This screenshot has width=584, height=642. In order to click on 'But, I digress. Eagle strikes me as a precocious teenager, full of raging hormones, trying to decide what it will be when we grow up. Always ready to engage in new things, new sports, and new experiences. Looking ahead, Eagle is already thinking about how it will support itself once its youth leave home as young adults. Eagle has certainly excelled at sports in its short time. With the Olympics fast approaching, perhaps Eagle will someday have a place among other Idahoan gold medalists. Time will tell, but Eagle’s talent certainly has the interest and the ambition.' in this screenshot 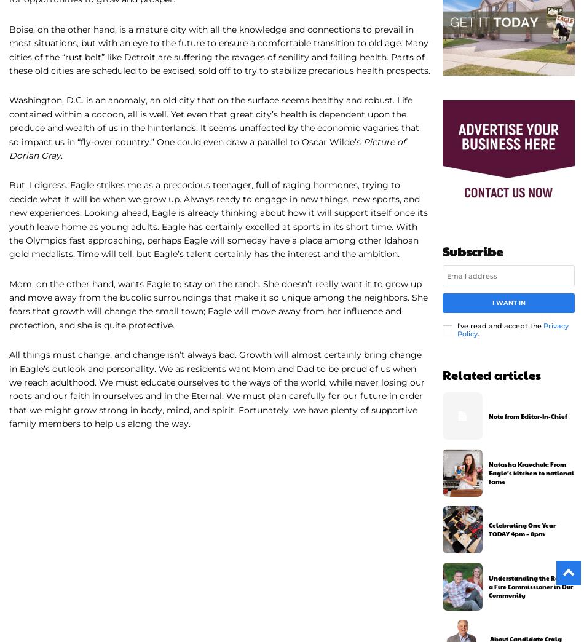, I will do `click(218, 220)`.